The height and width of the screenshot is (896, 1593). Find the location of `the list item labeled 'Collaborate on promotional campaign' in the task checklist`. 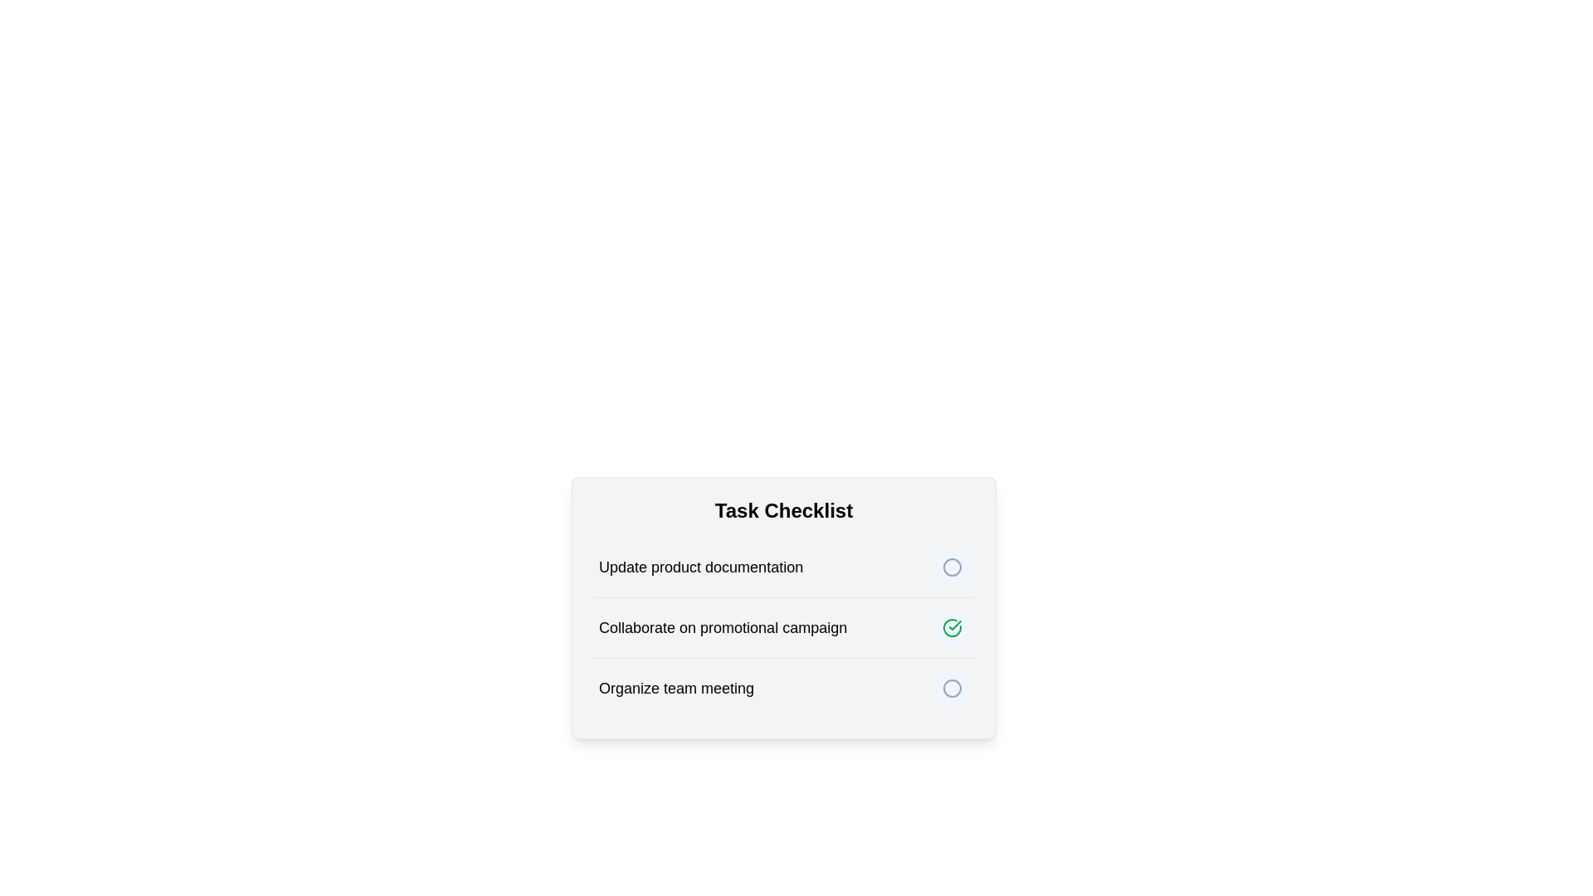

the list item labeled 'Collaborate on promotional campaign' in the task checklist is located at coordinates (783, 627).